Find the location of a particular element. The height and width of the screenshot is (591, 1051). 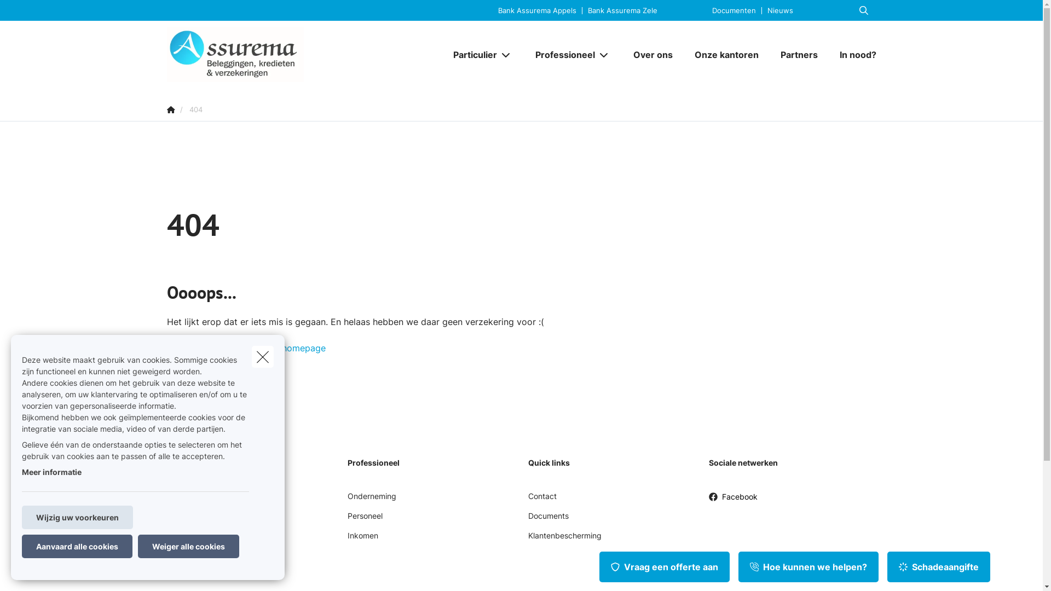

'Bank Assurema Appels' is located at coordinates (537, 10).